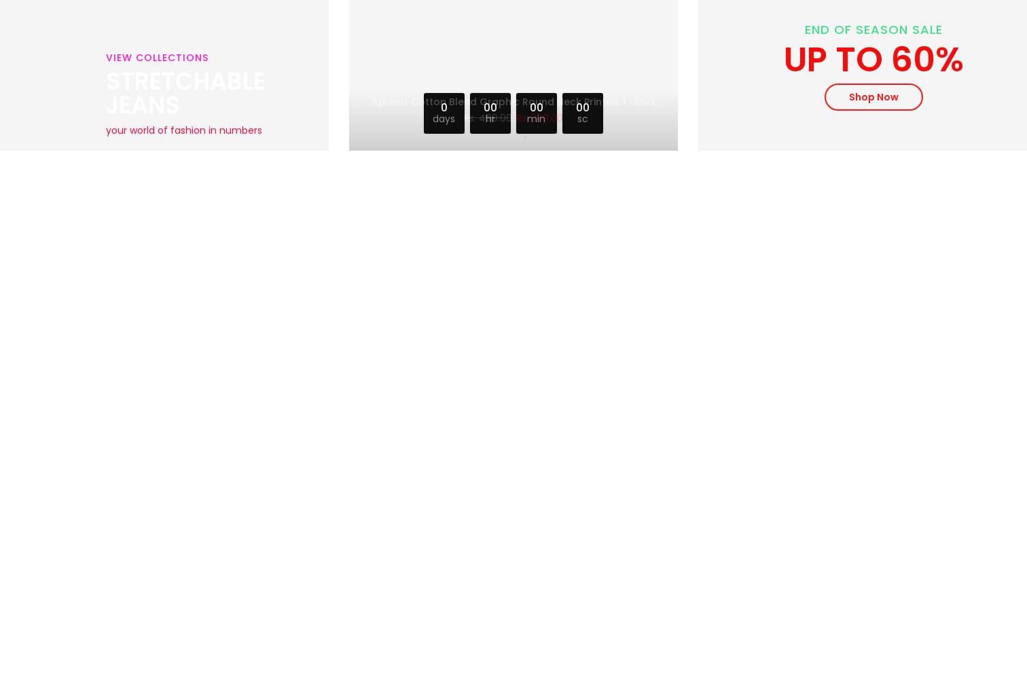  I want to click on 'sc', so click(581, 117).